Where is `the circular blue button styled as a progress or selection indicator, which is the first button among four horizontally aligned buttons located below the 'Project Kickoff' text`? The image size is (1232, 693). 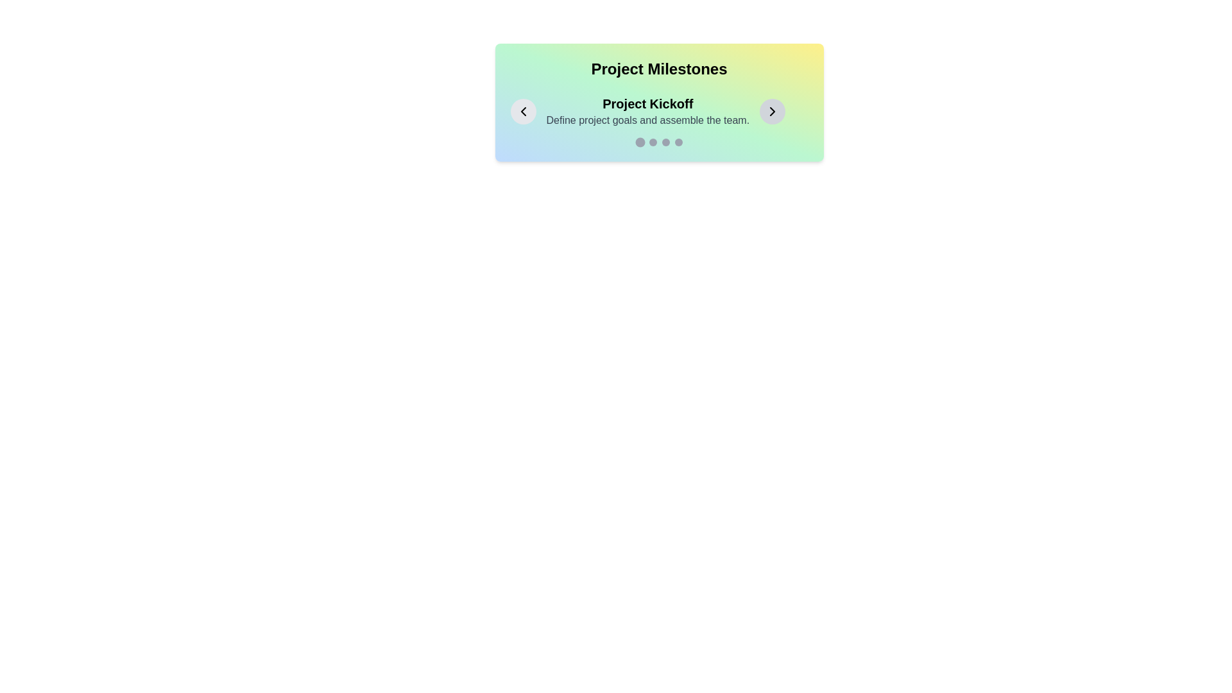 the circular blue button styled as a progress or selection indicator, which is the first button among four horizontally aligned buttons located below the 'Project Kickoff' text is located at coordinates (640, 142).